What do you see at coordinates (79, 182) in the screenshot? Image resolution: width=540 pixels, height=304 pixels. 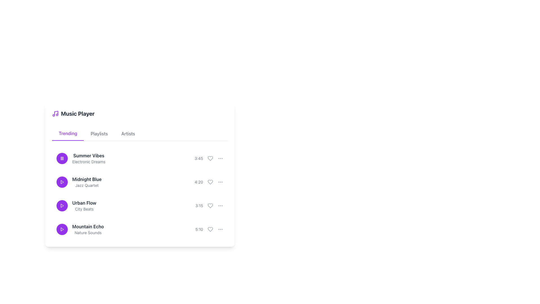 I see `the text labels displaying 'Midnight Blue' and 'Jazz Quartet' located in the 'Trending' section of the 'Music Player' interface, next to a purple circular button with a play icon` at bounding box center [79, 182].